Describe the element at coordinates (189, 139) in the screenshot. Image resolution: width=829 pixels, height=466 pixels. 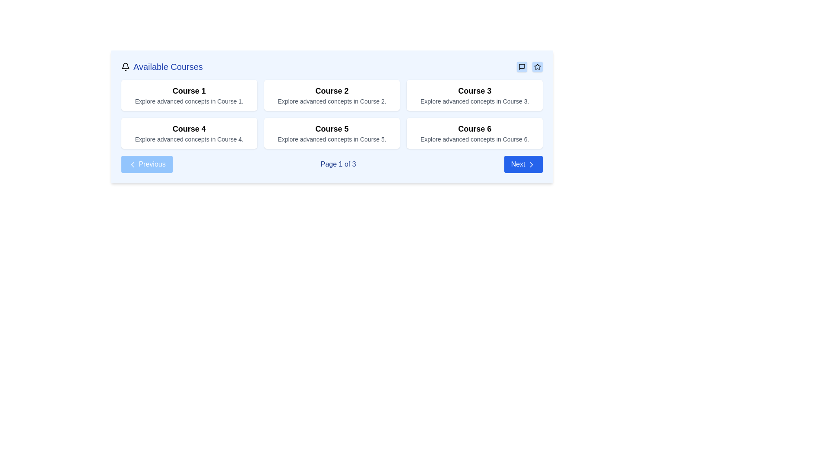
I see `the text label that provides a brief description of the associated course's content, located in the second row's first column of the 'Available Courses' section, directly under 'Course 4'` at that location.